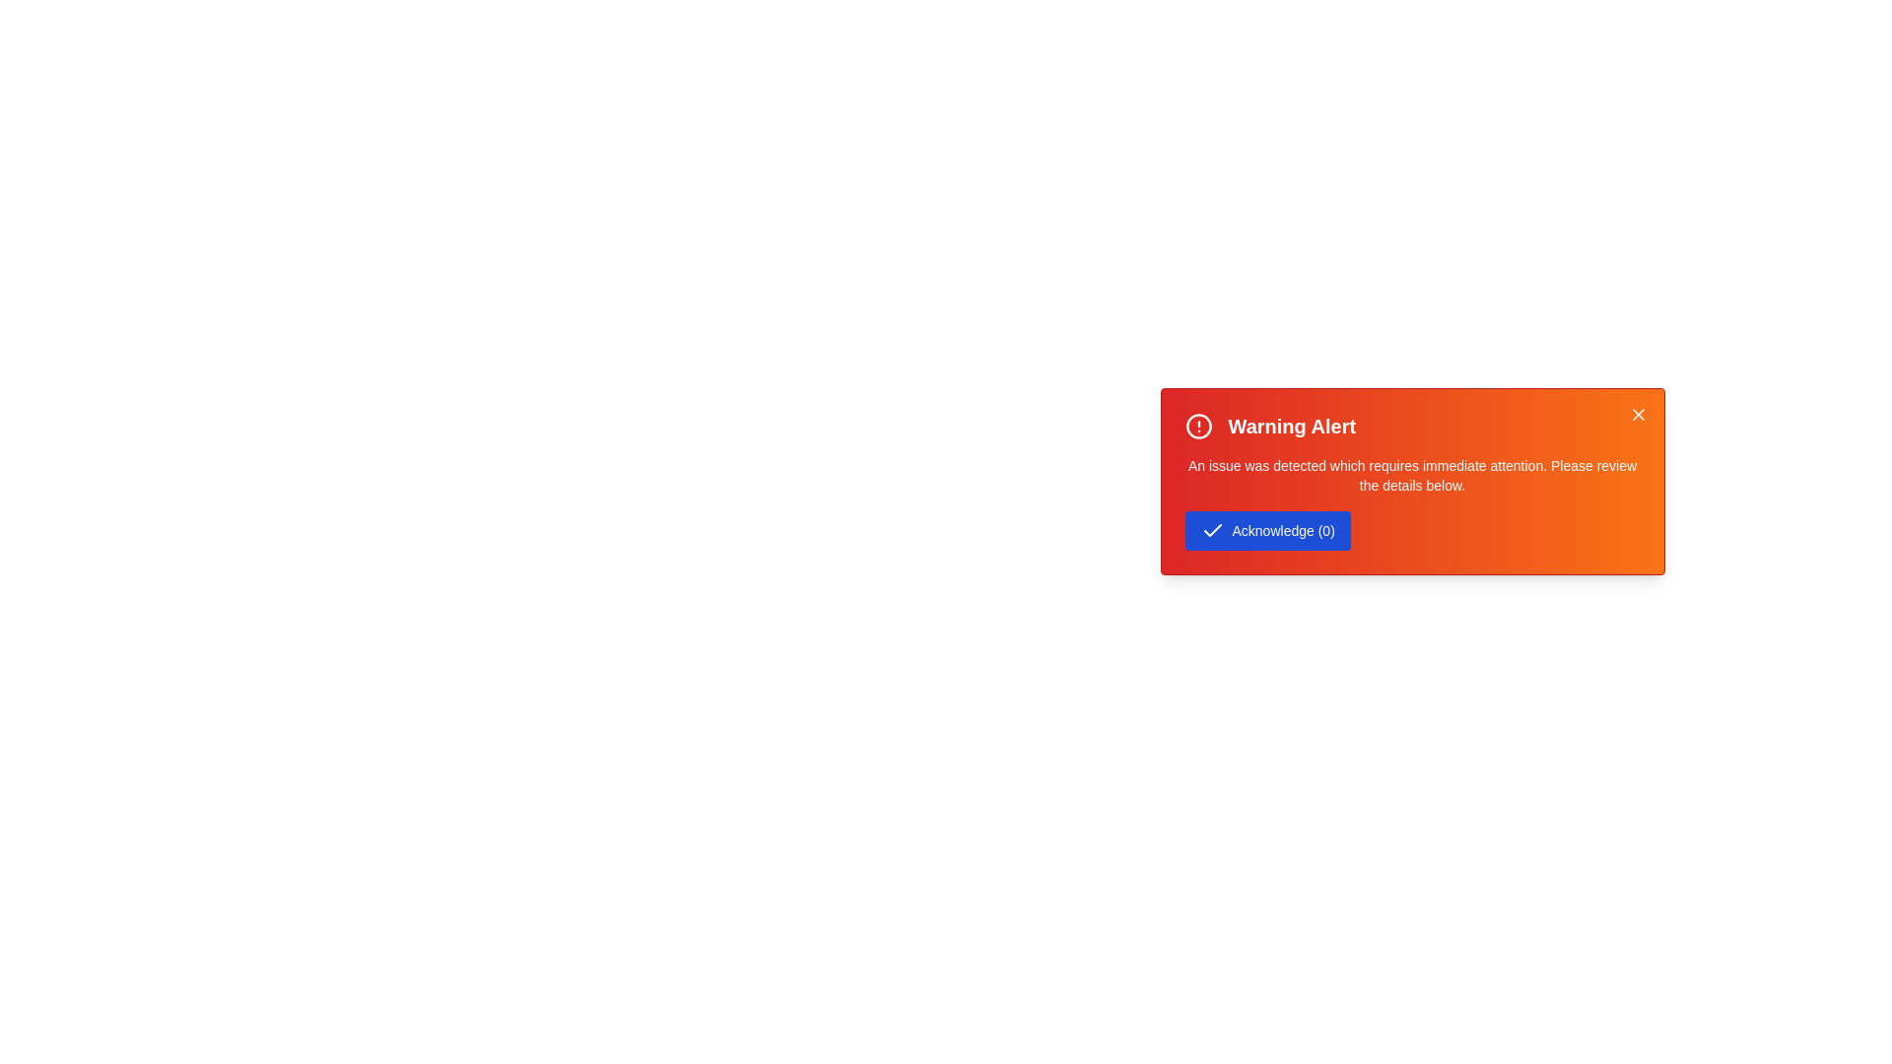 Image resolution: width=1892 pixels, height=1064 pixels. I want to click on the close button to observe its hover effect, so click(1638, 413).